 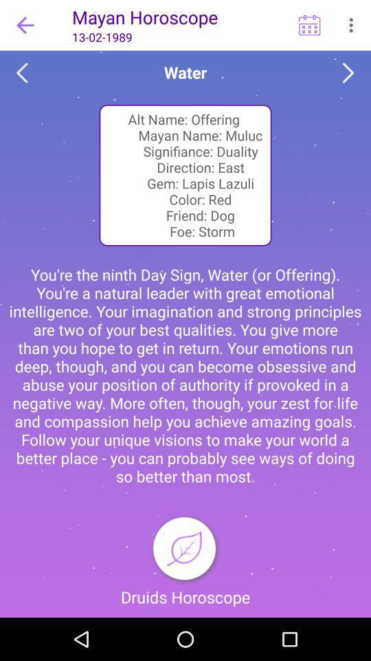 What do you see at coordinates (21, 73) in the screenshot?
I see `the arrow_backward icon` at bounding box center [21, 73].